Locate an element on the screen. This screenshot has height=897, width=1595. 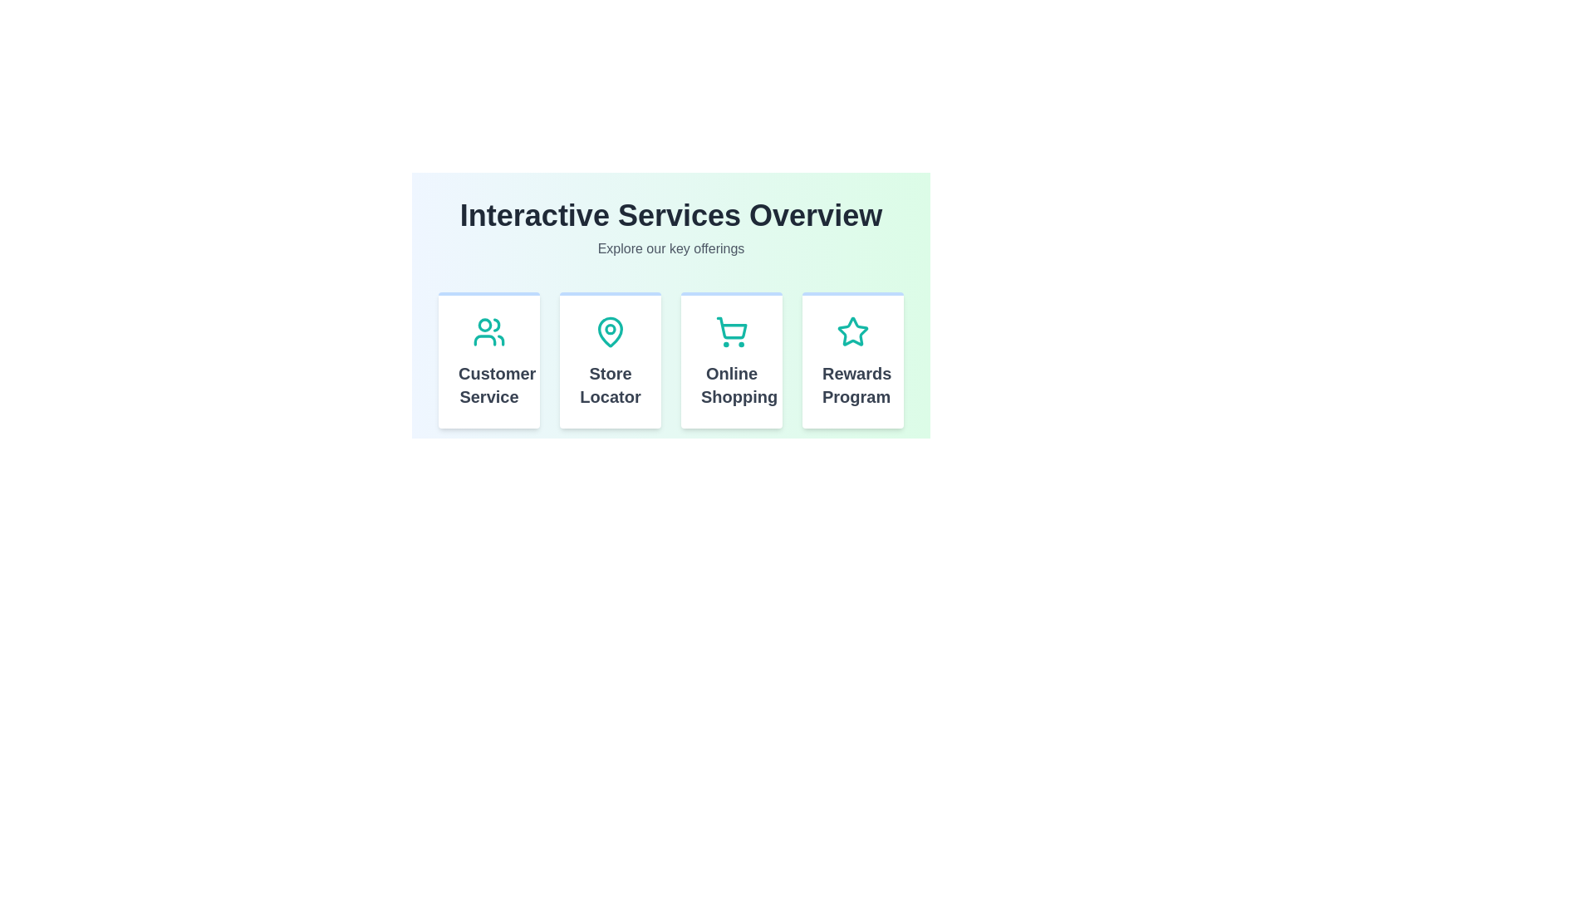
the teal shopping cart icon located centrally within the 'Online Shopping' card, which is the third card is located at coordinates (731, 332).